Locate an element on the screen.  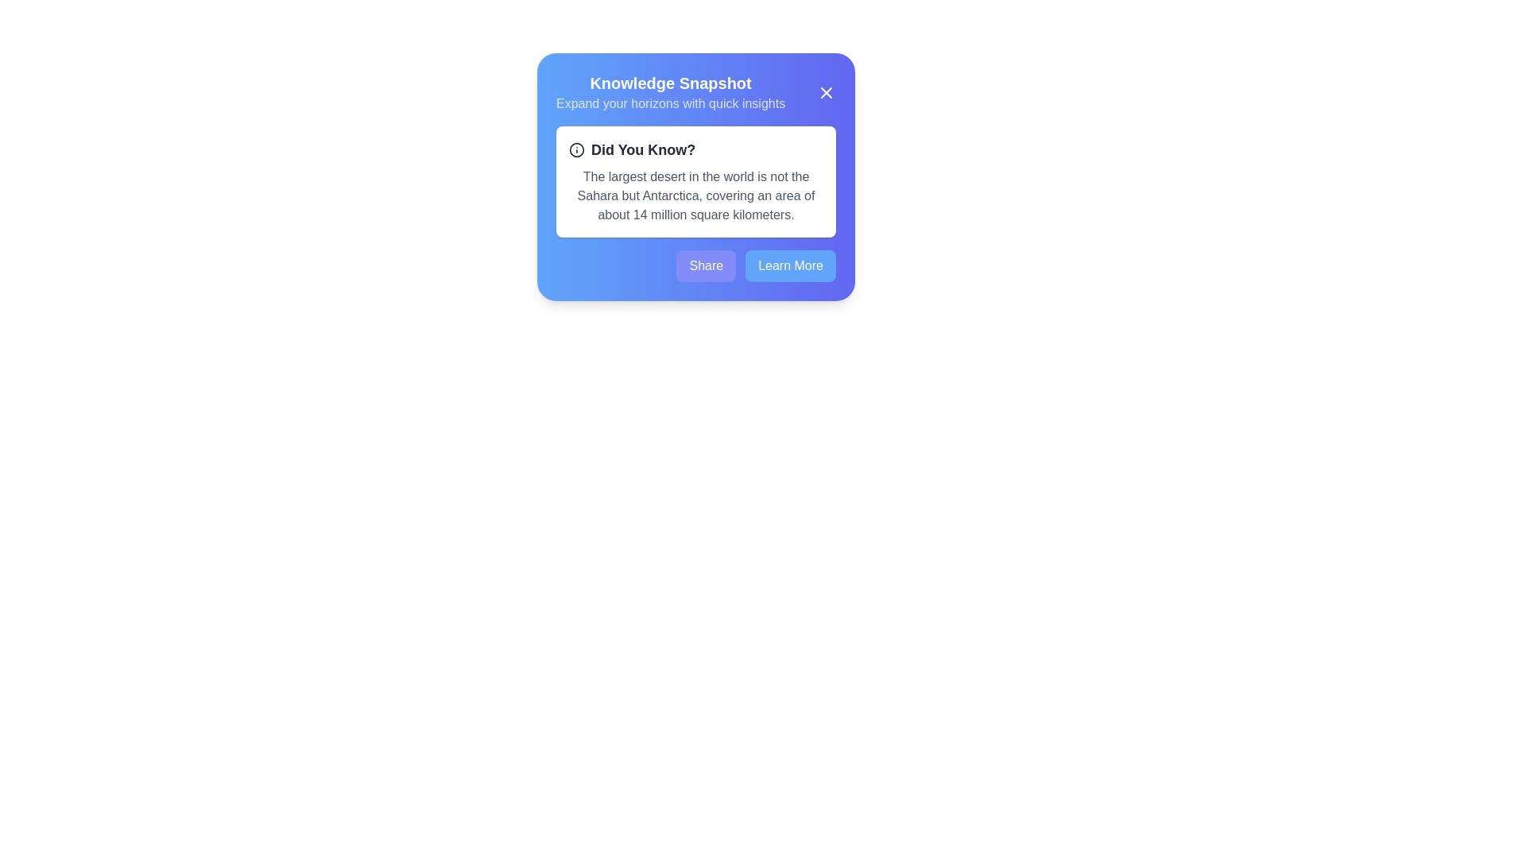
the close button located in the upper right-hand side of the 'Knowledge Snapshot' card is located at coordinates (827, 92).